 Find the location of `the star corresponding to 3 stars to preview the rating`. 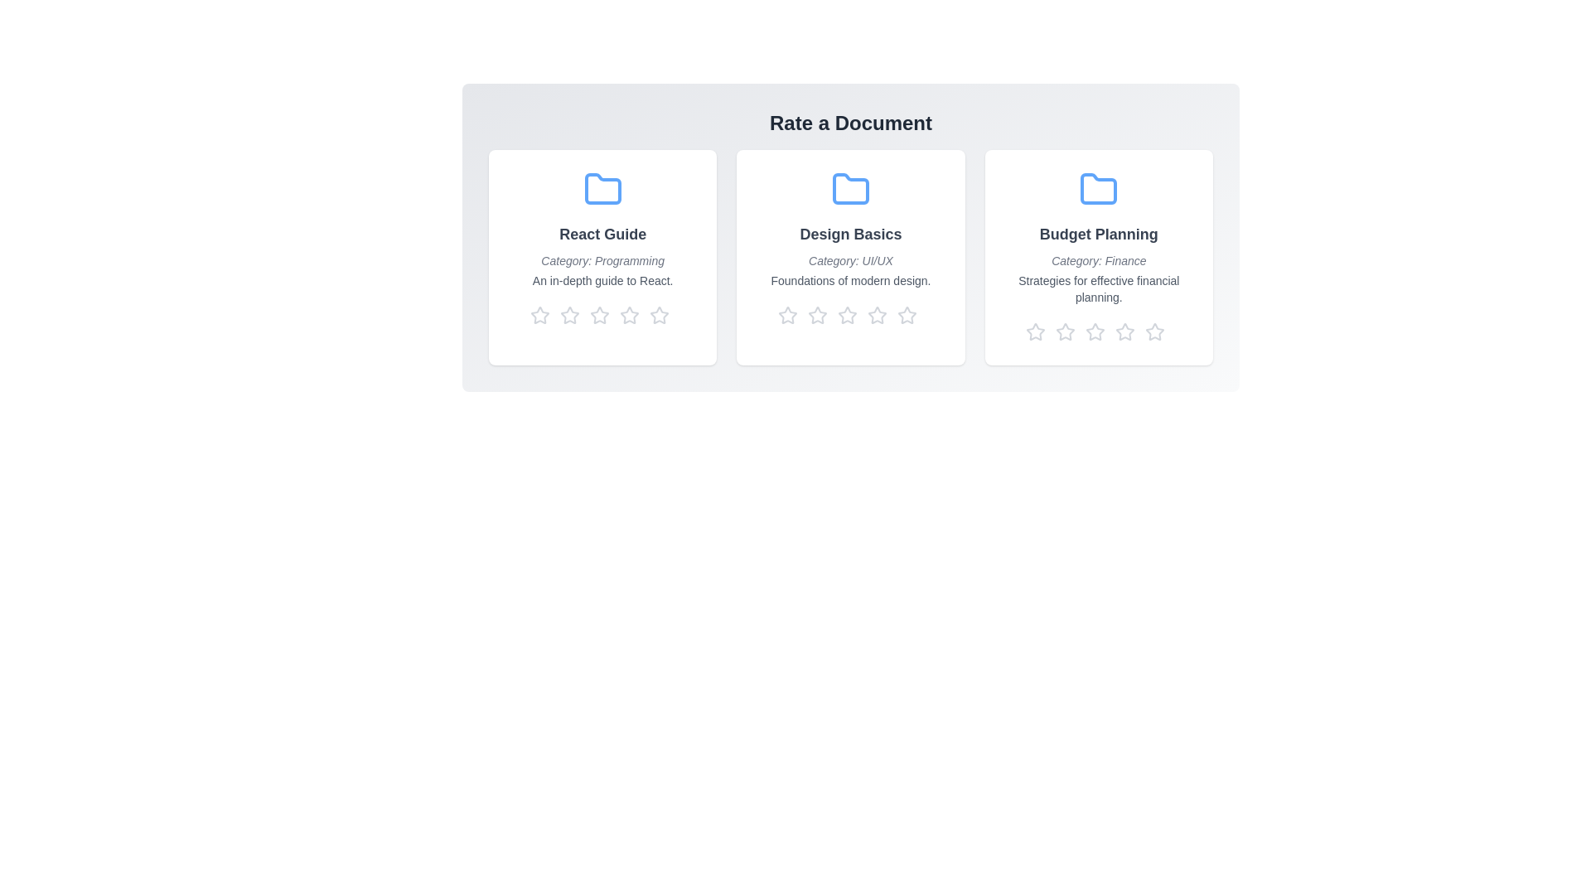

the star corresponding to 3 stars to preview the rating is located at coordinates (601, 316).